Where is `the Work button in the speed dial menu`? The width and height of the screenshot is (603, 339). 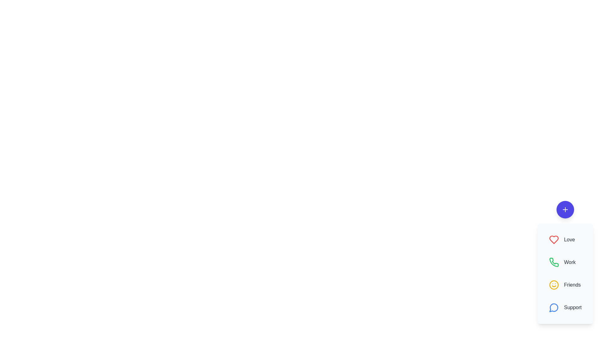
the Work button in the speed dial menu is located at coordinates (565, 262).